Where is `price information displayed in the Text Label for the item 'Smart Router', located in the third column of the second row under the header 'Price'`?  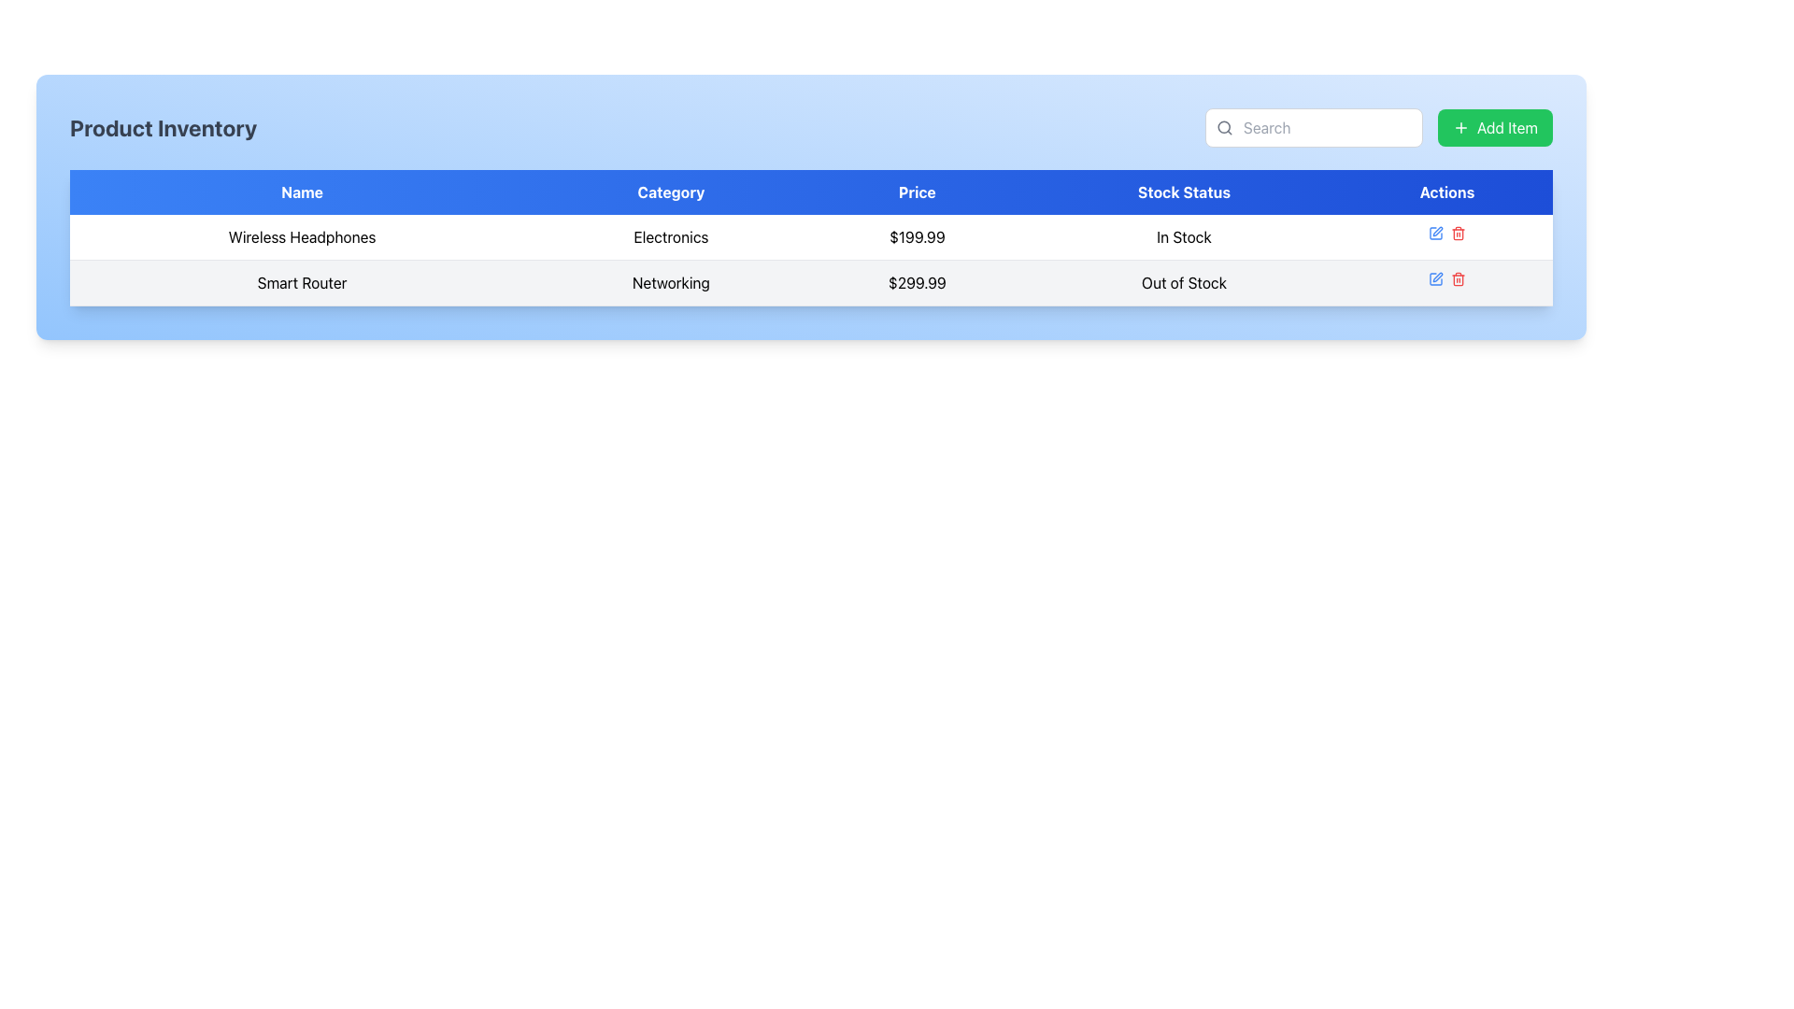
price information displayed in the Text Label for the item 'Smart Router', located in the third column of the second row under the header 'Price' is located at coordinates (917, 283).